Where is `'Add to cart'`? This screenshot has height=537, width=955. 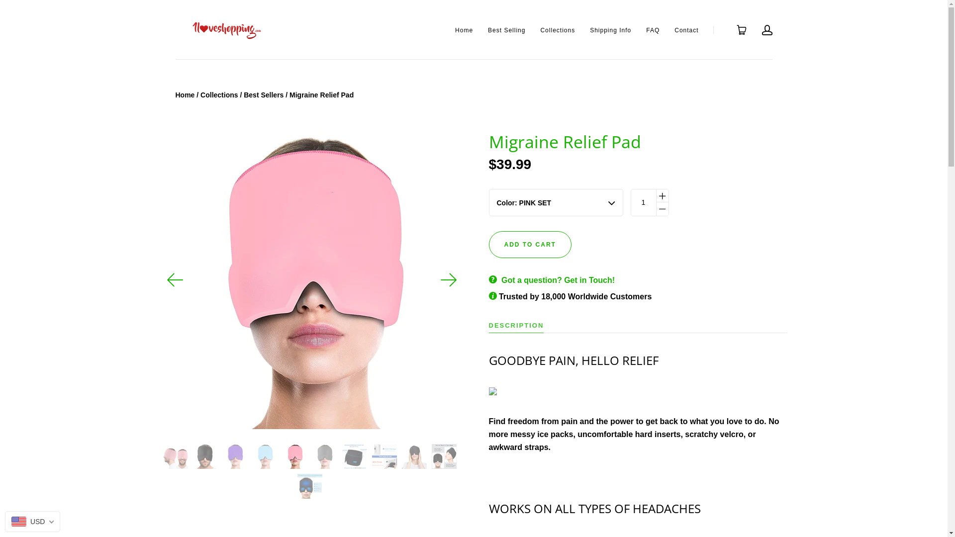
'Add to cart' is located at coordinates (529, 245).